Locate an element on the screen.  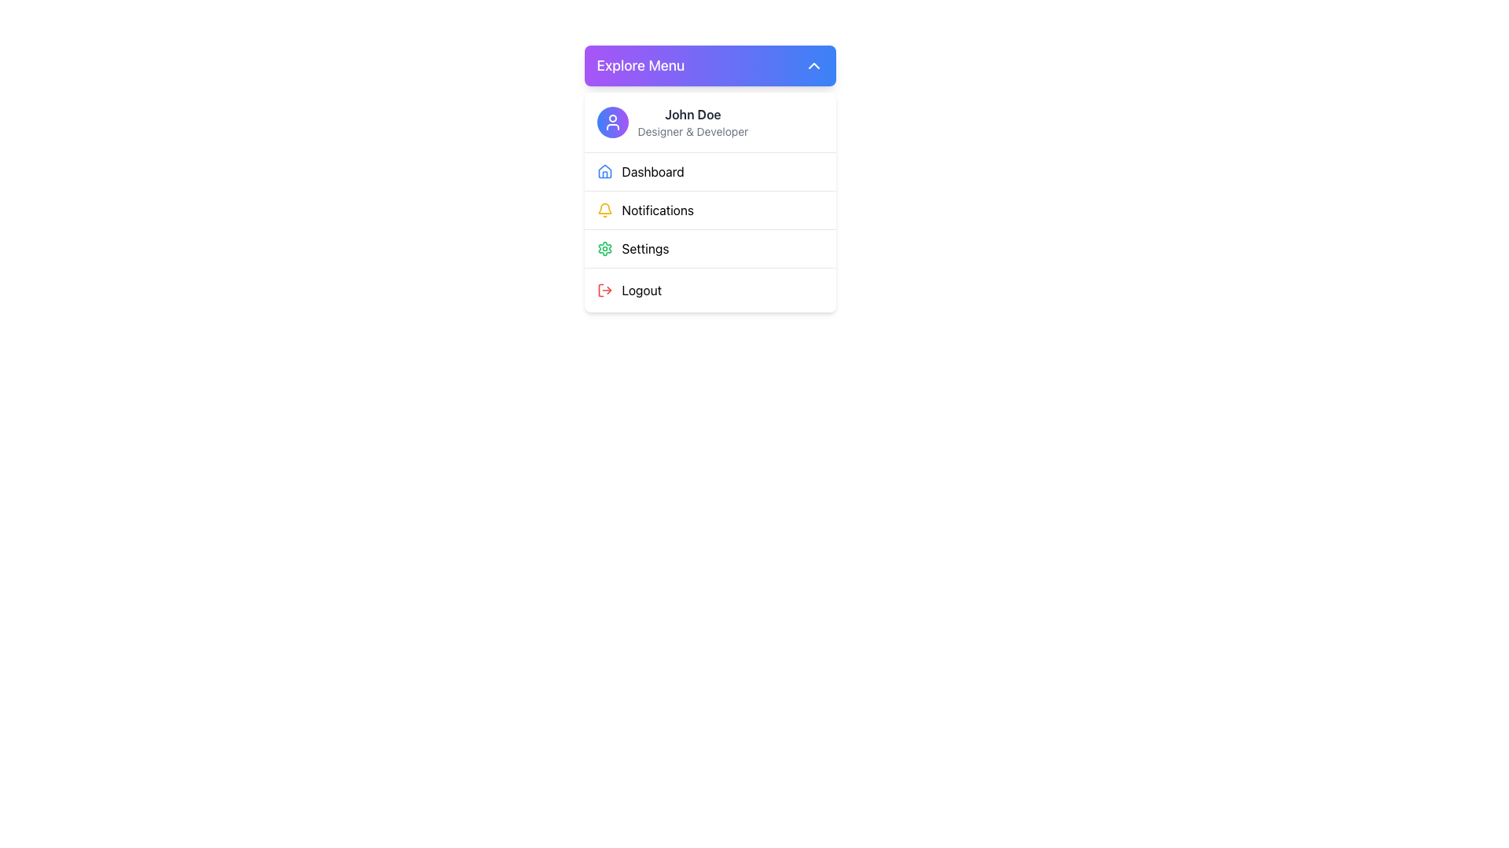
the logout icon located to the left of the 'Logout' text is located at coordinates (604, 291).